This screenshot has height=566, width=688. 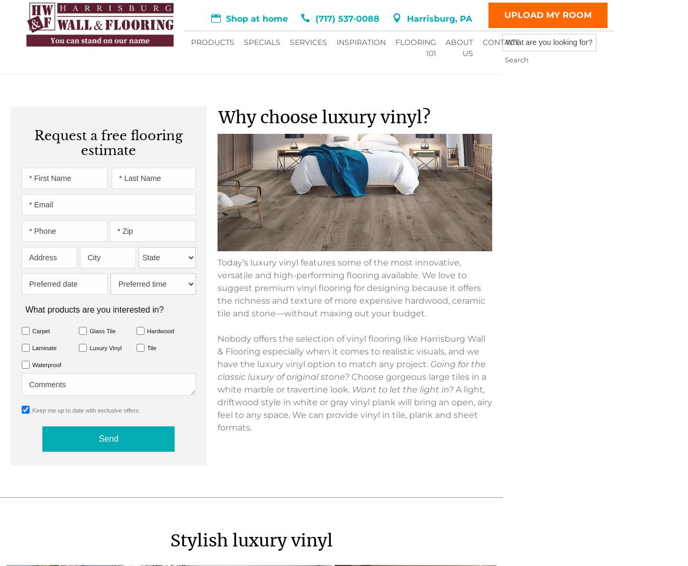 I want to click on 'Menu ▼', so click(x=140, y=31).